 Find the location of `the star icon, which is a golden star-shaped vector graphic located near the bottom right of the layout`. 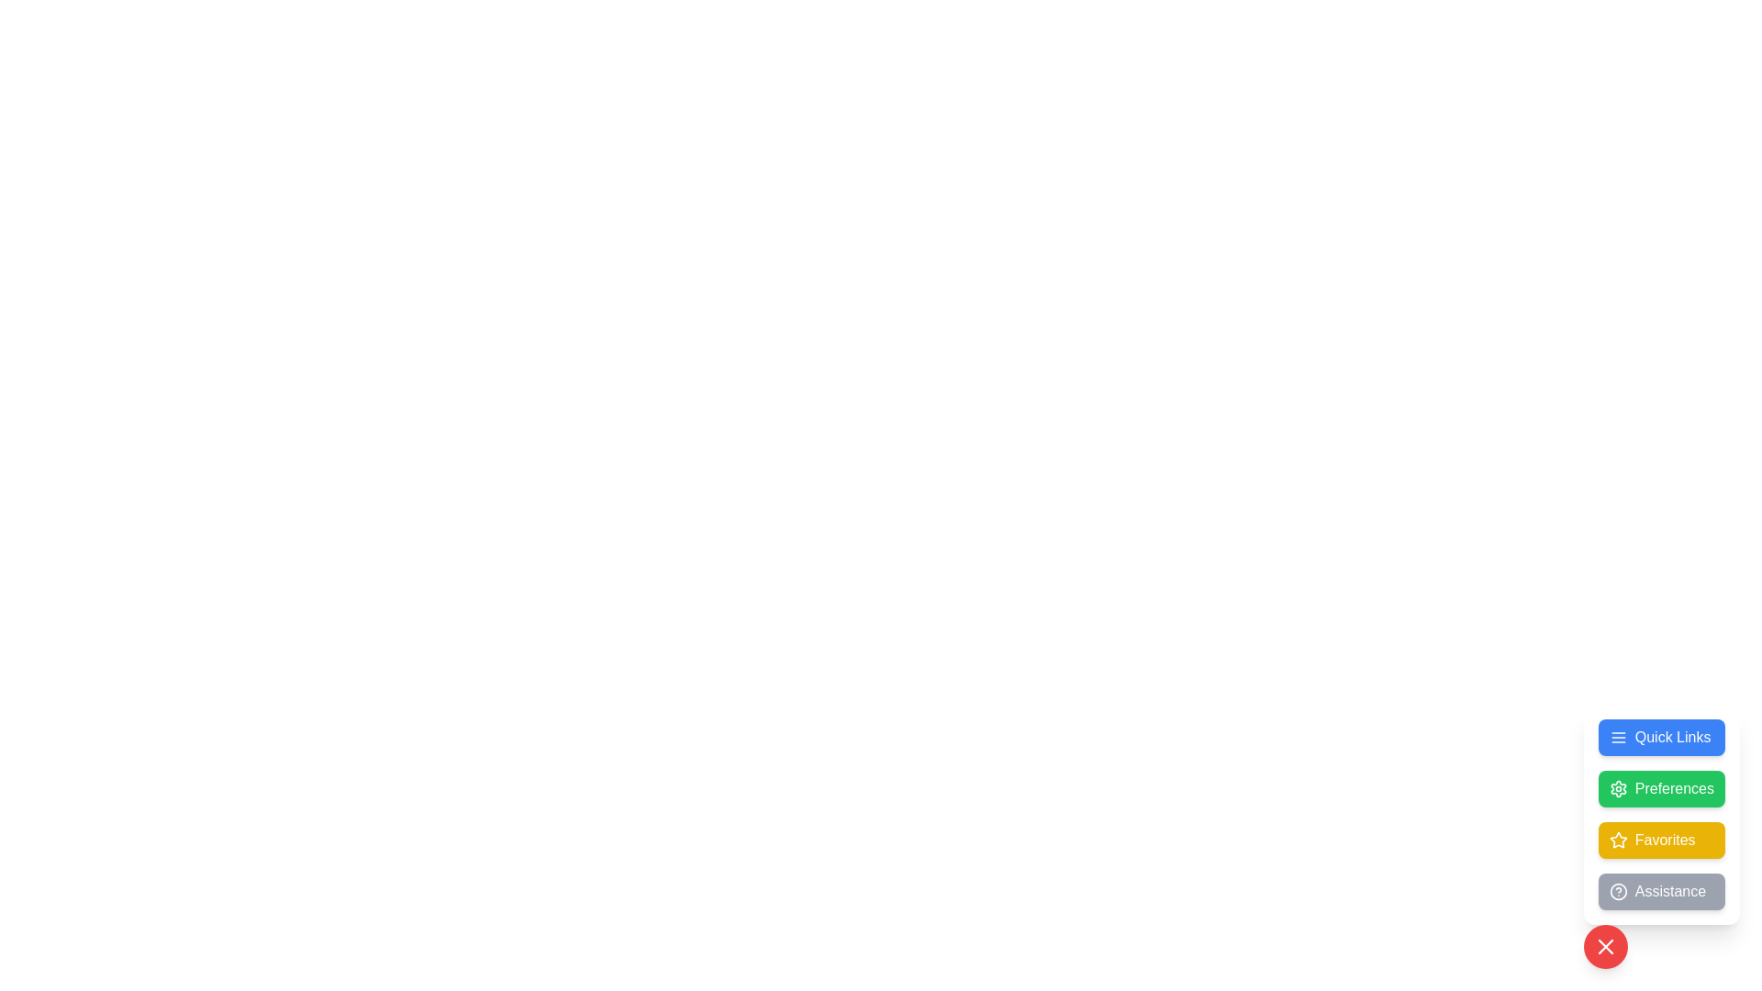

the star icon, which is a golden star-shaped vector graphic located near the bottom right of the layout is located at coordinates (1618, 840).